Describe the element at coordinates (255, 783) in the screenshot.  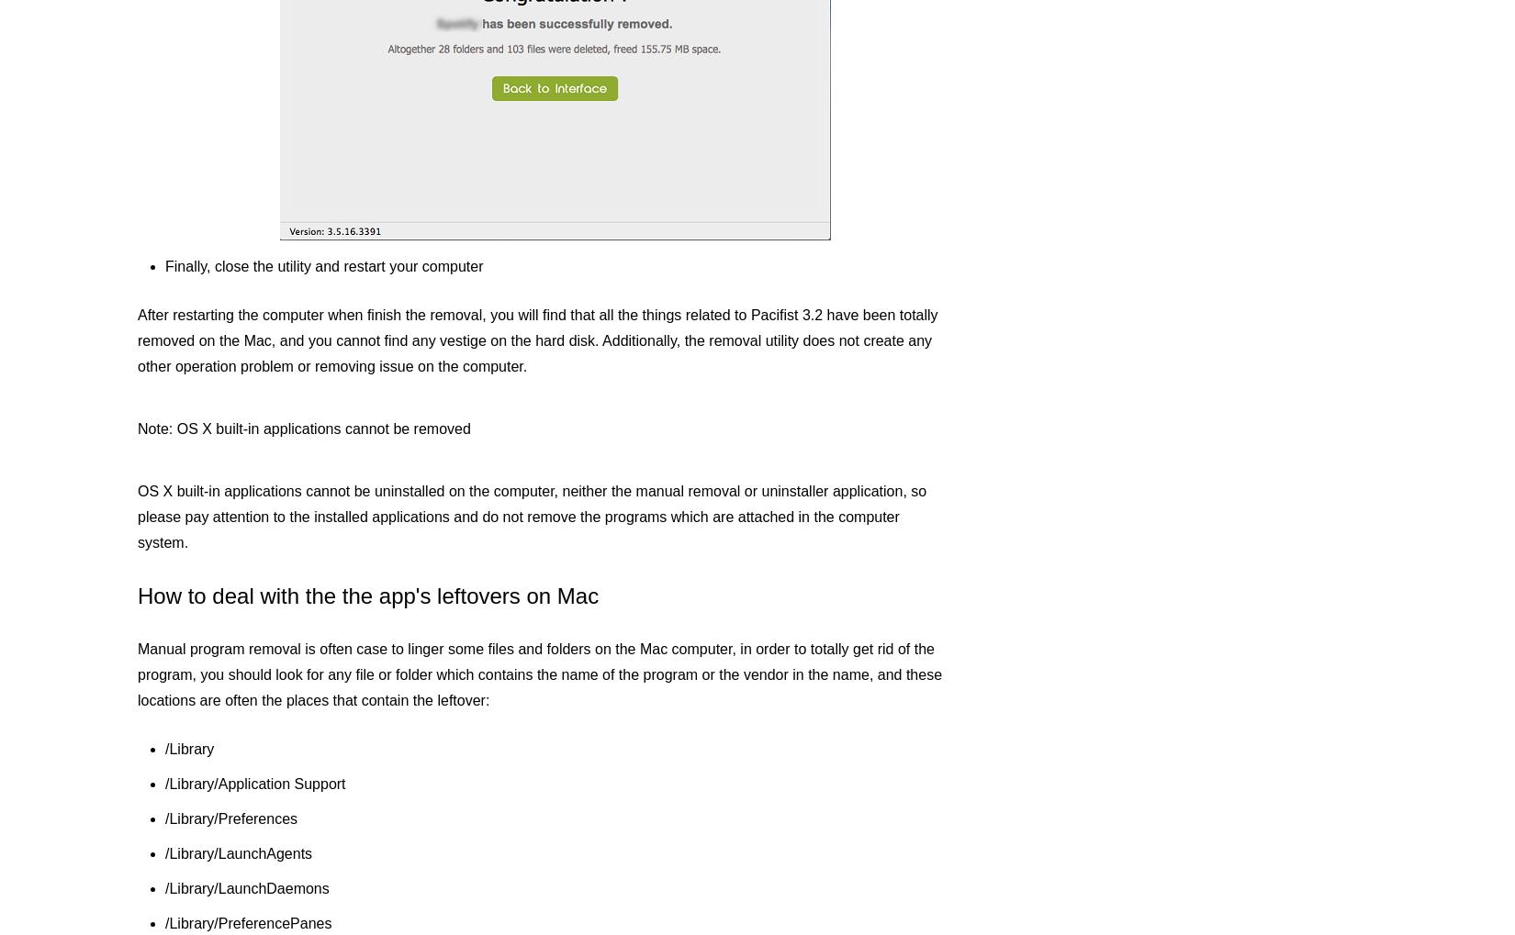
I see `'/Library/Application Support'` at that location.